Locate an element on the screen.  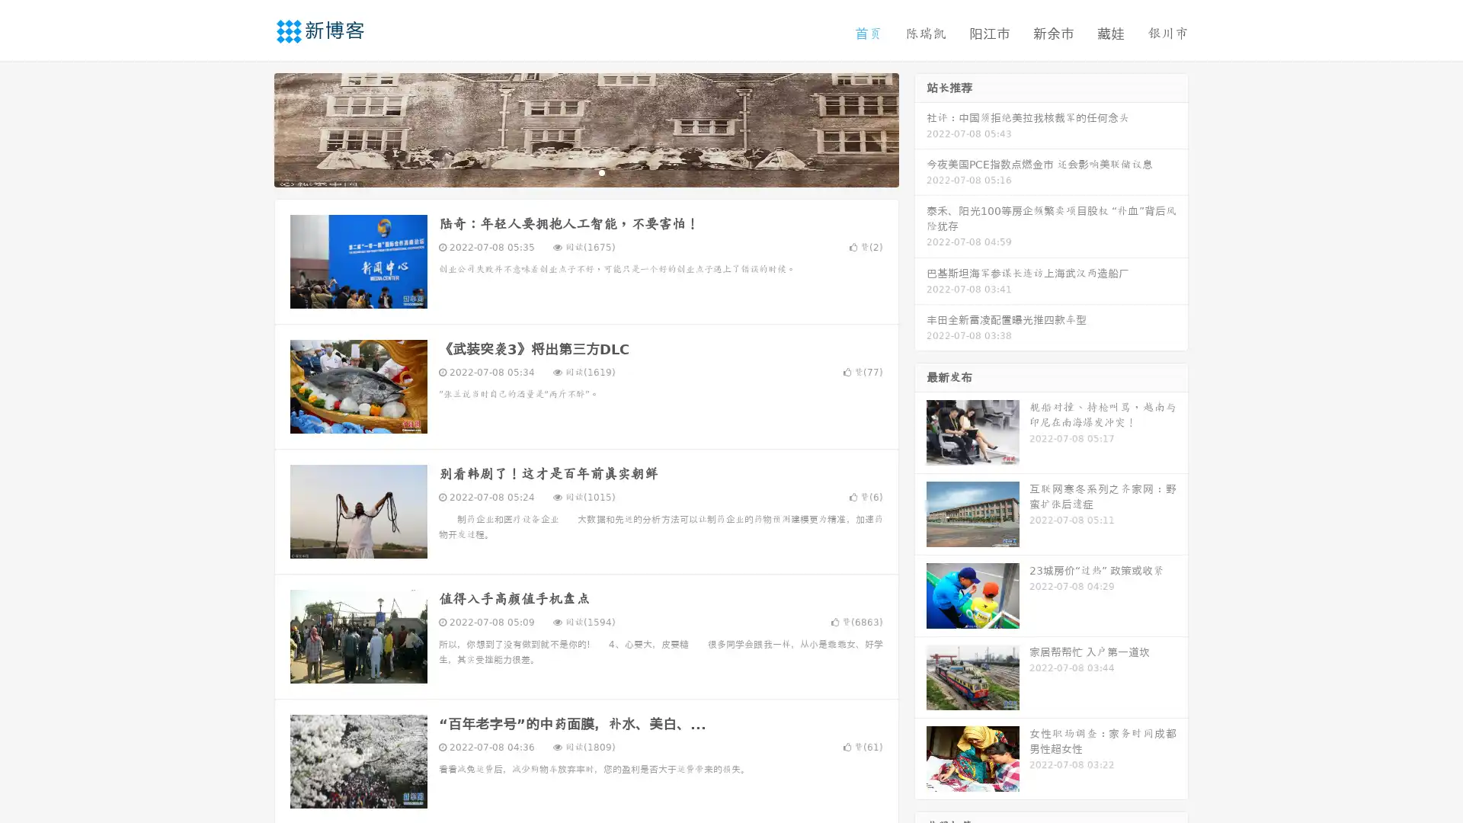
Go to slide 2 is located at coordinates (585, 171).